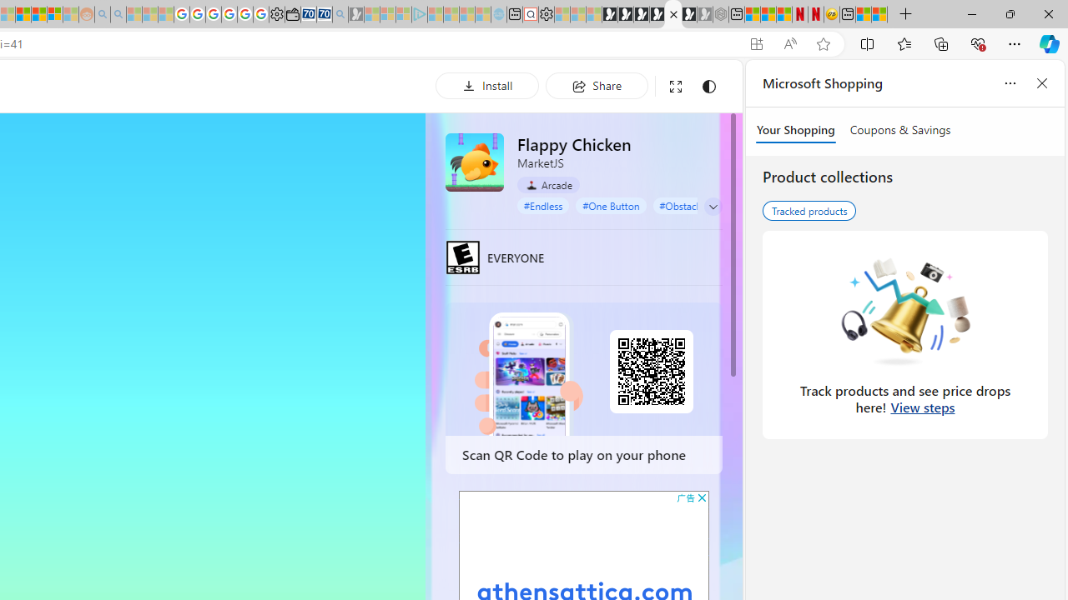  Describe the element at coordinates (473, 162) in the screenshot. I see `'Flappy Chicken'` at that location.